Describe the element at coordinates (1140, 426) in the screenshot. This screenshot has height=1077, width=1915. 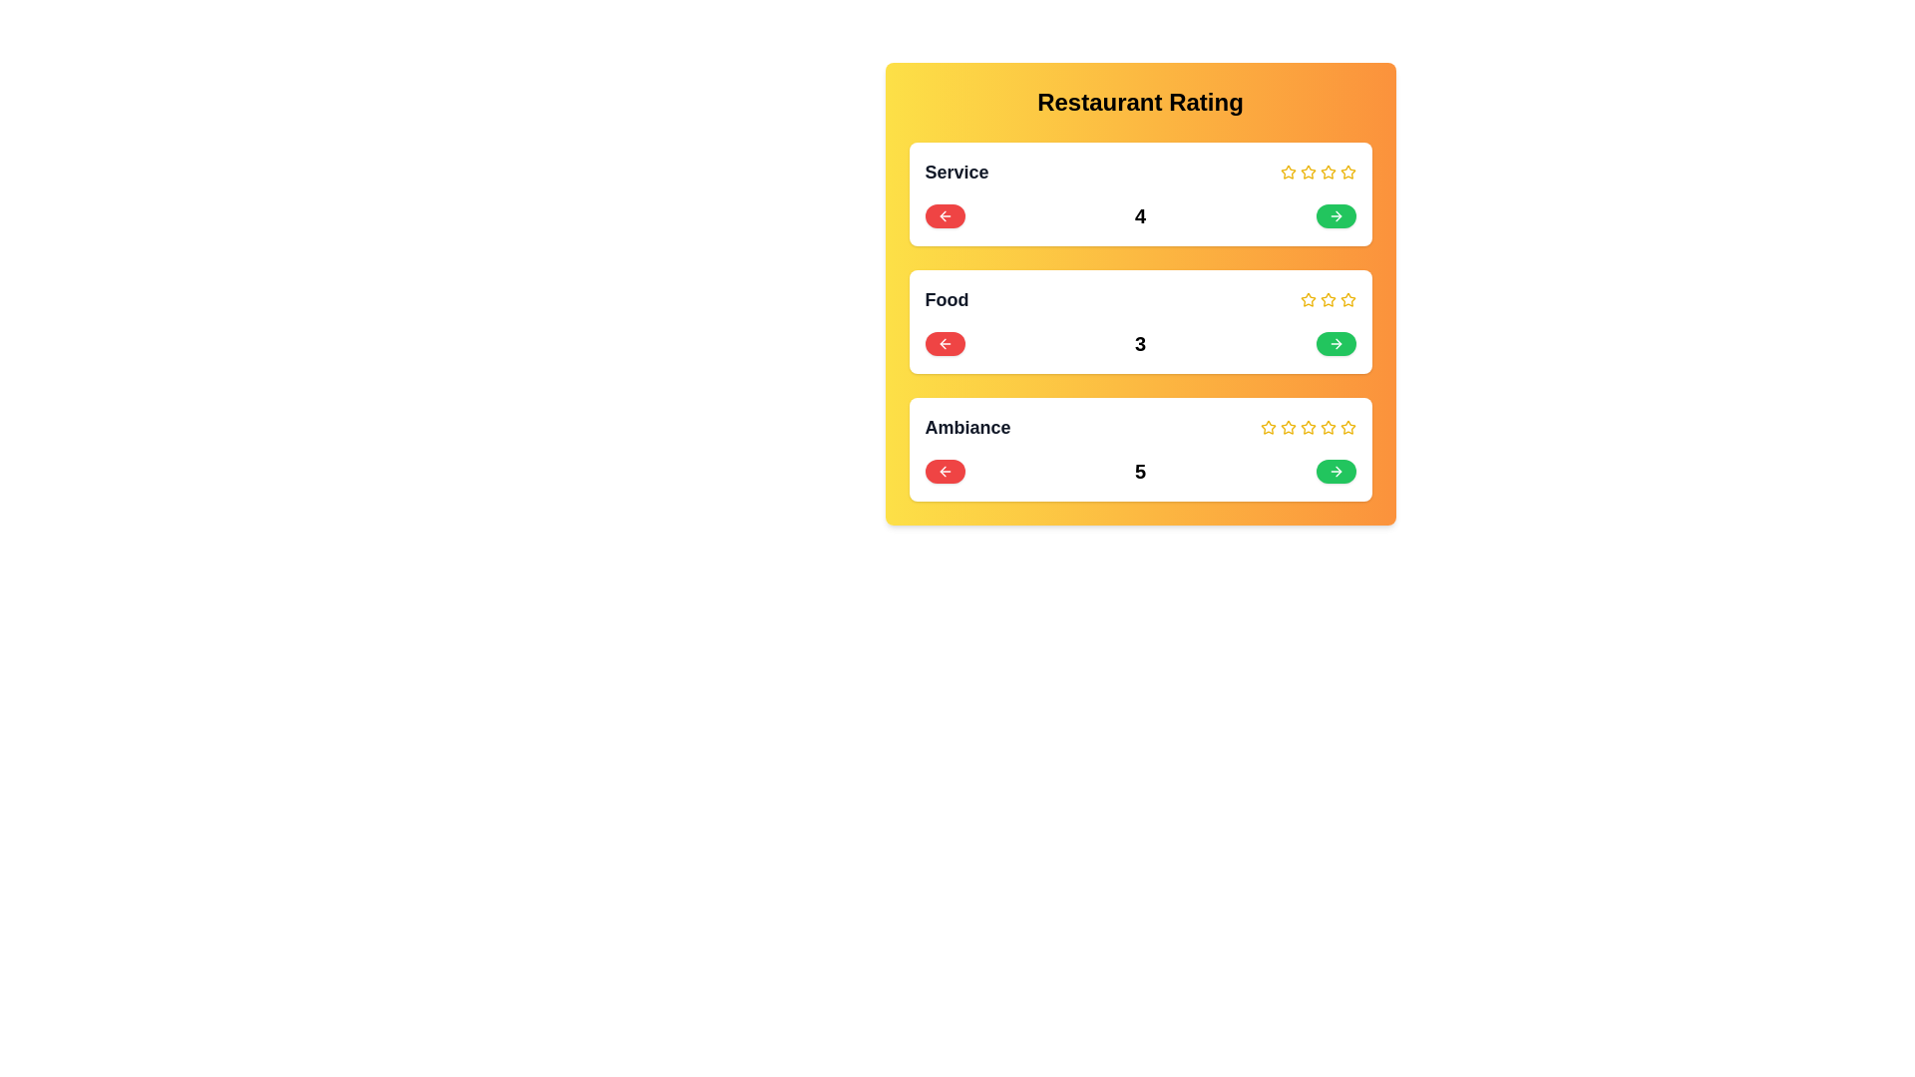
I see `'Ambiance' star rating bar located in the third row under the 'Restaurant Rating' heading for layout information` at that location.